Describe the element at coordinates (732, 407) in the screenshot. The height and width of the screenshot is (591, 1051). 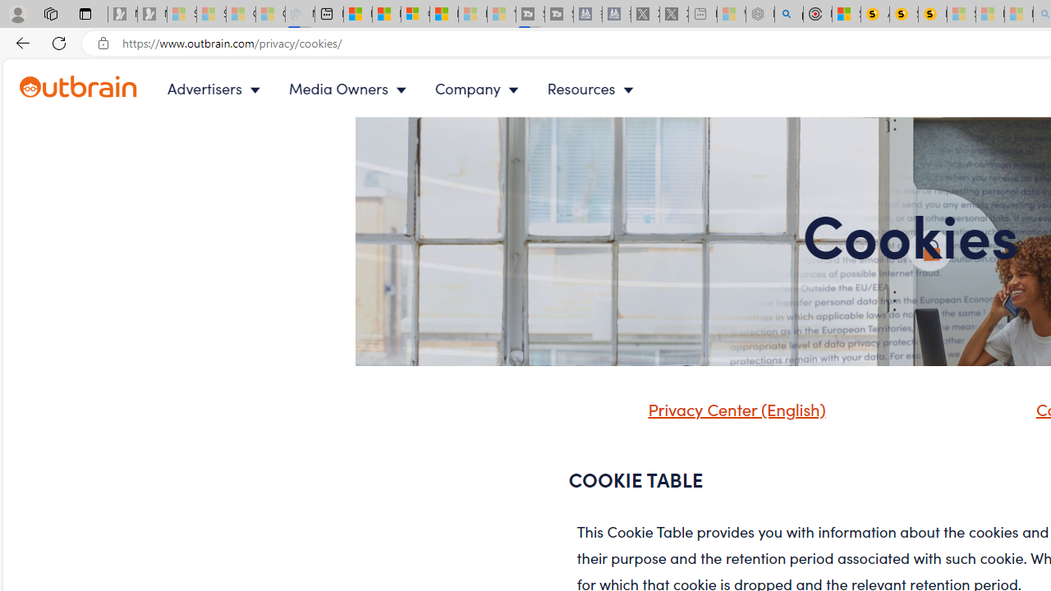
I see `'Privacy Center (English)'` at that location.